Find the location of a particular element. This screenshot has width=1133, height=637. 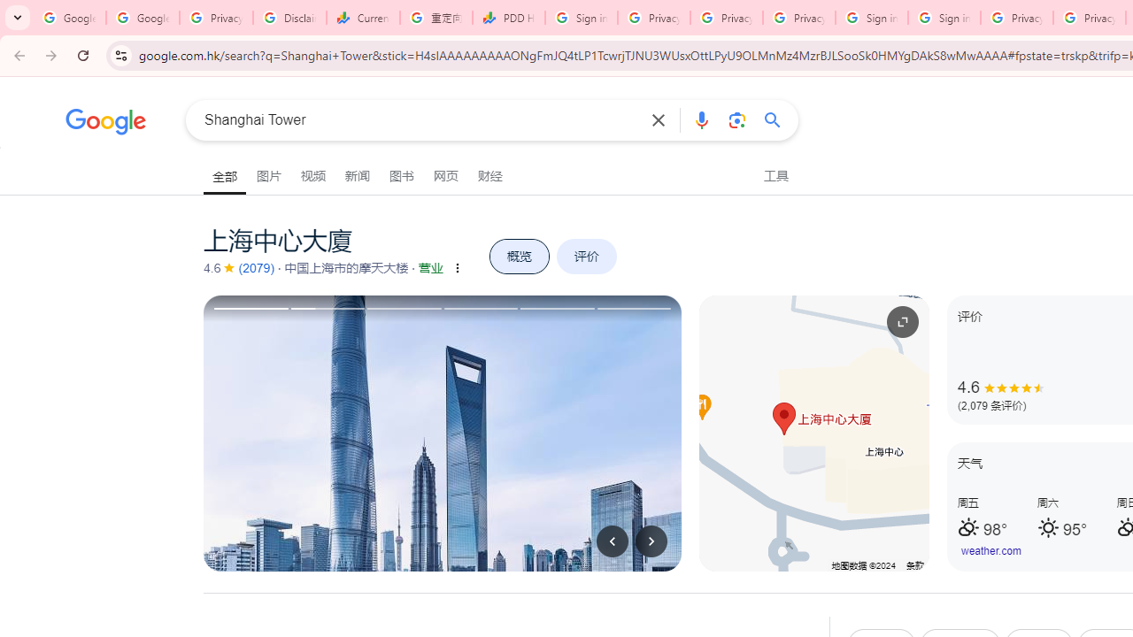

'View site information' is located at coordinates (119, 54).